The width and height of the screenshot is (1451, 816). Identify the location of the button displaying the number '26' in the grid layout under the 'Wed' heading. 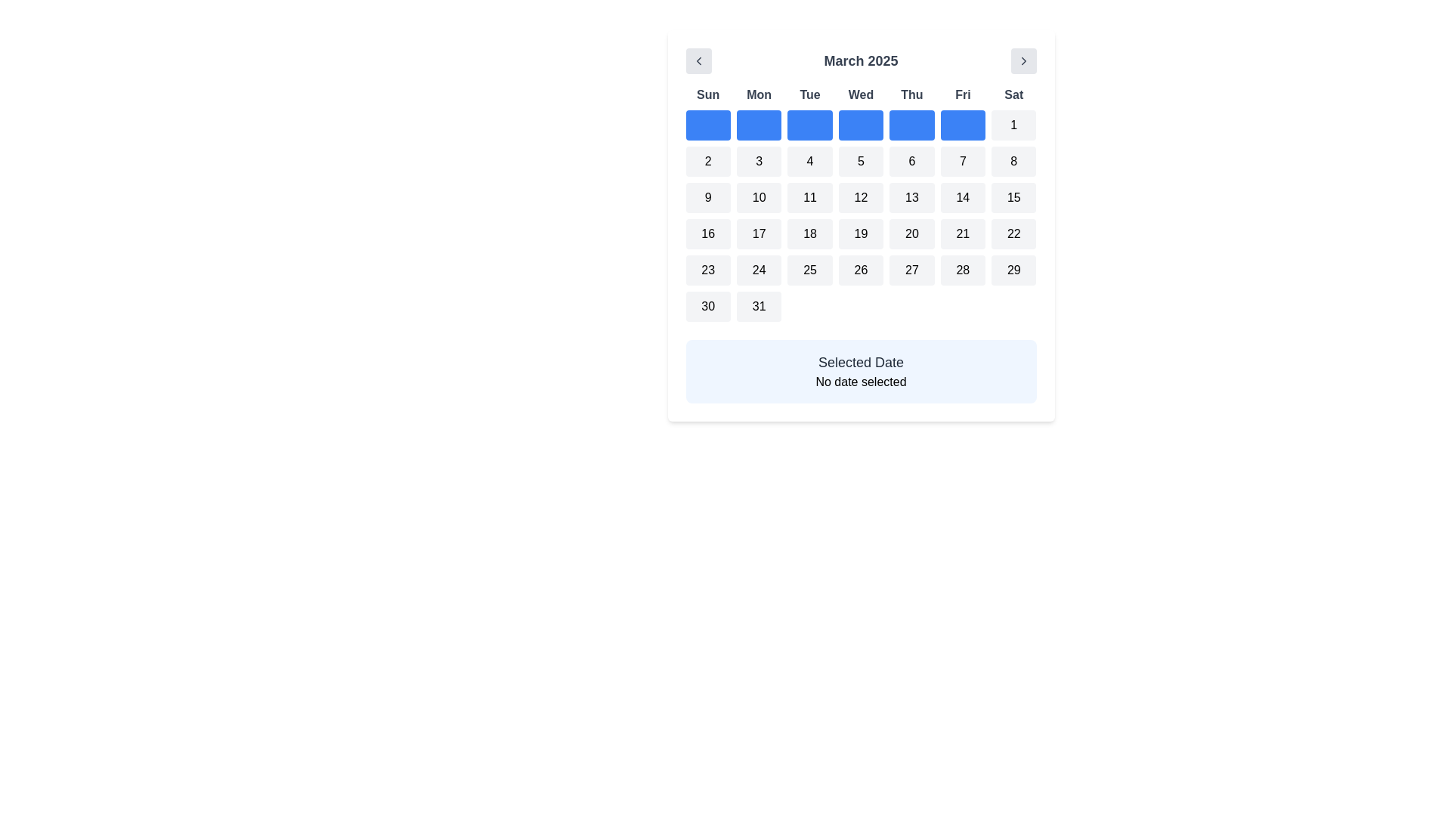
(861, 270).